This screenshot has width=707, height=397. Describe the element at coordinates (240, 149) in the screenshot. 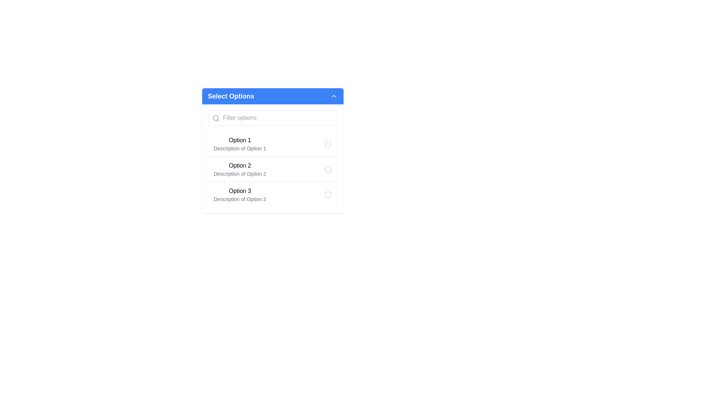

I see `information displayed in the Text label which provides additional details for 'Option 1' in the dropdown, located directly below the 'Option 1' header` at that location.